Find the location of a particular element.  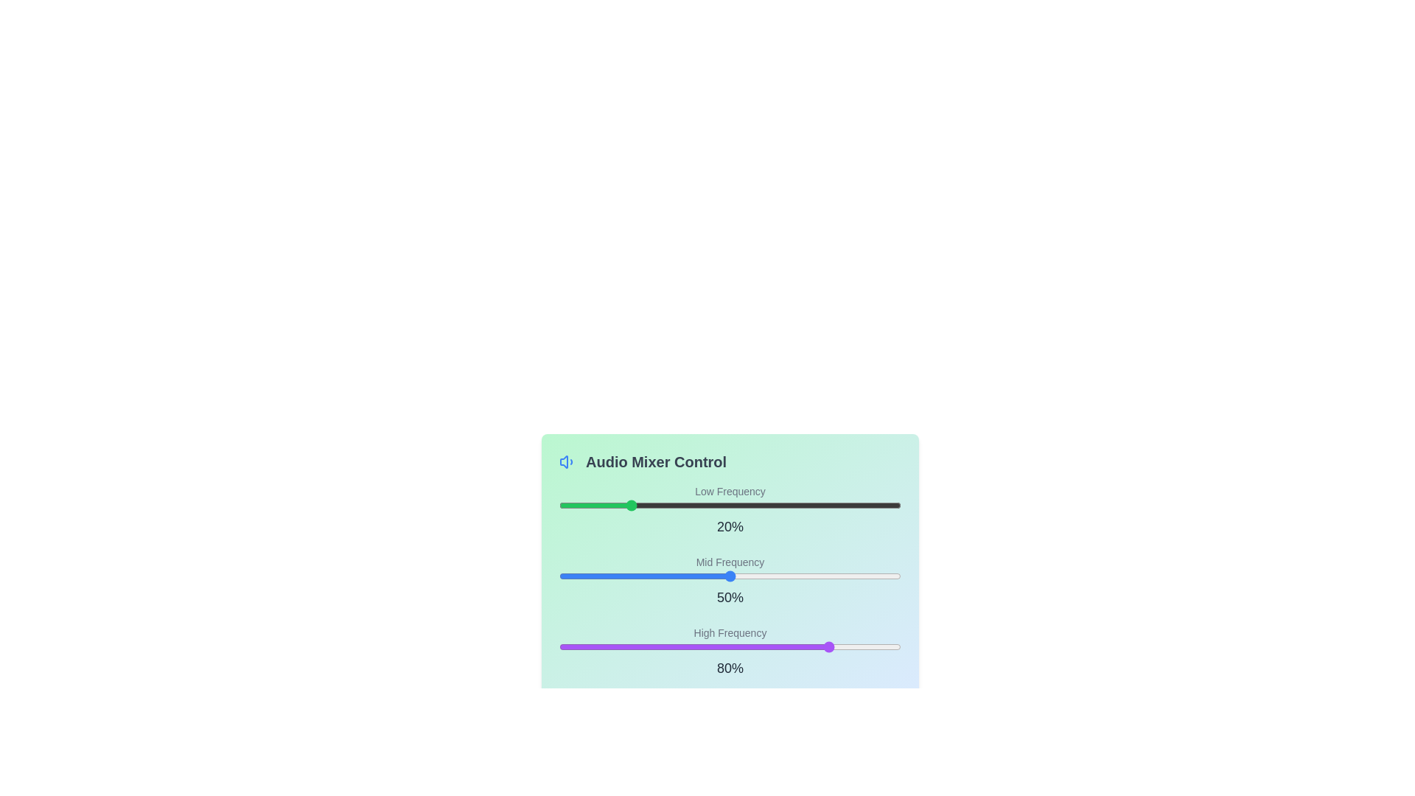

the 'High Frequency' slider is located at coordinates (713, 646).